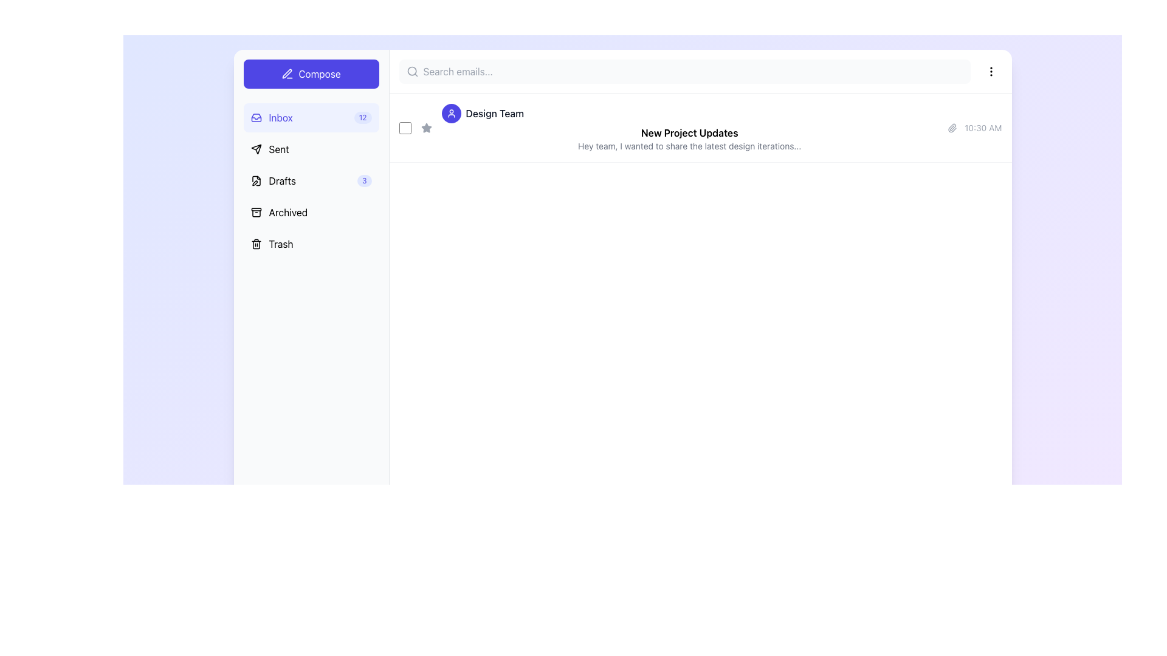  Describe the element at coordinates (412, 72) in the screenshot. I see `the small gray magnifying glass icon located at the left side of the search input field, which is associated with search functionality` at that location.